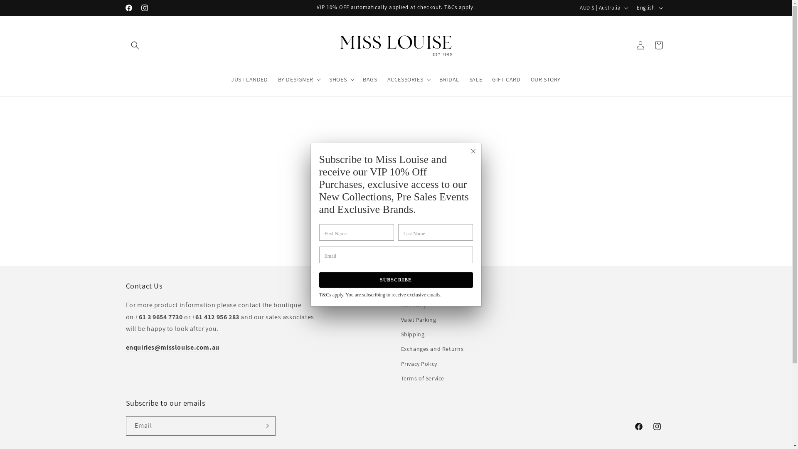  What do you see at coordinates (136, 8) in the screenshot?
I see `'Instagram'` at bounding box center [136, 8].